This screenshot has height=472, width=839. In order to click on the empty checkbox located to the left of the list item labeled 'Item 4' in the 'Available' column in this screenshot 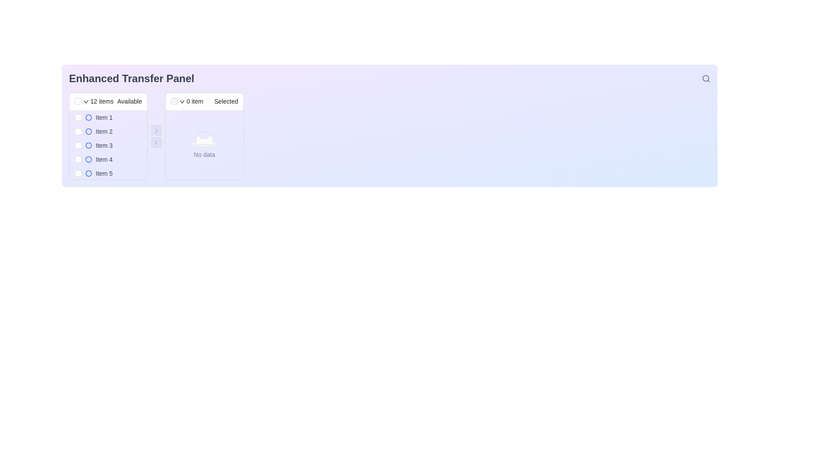, I will do `click(78, 160)`.